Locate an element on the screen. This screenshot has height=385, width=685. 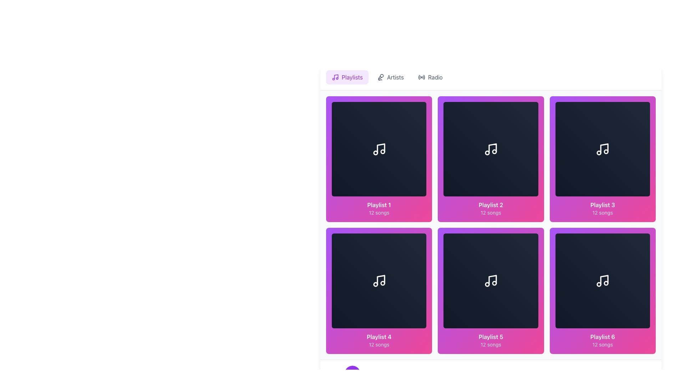
the small circular SVG element that is part of the musical note icon in the 'Playlist 5' card is located at coordinates (487, 284).